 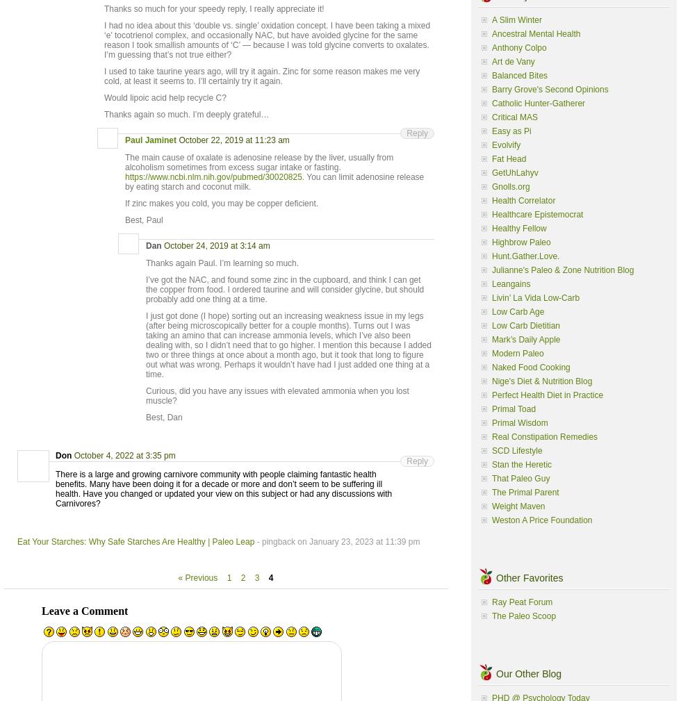 I want to click on 'I just got done (I hope) sorting out an increasing weakness issue in my legs (after being microscopically better for a couple months). Turns out I was taking an amino that can increase ammonia levels, which I’ve also been dealing with, so I didn’t need that to go higher. I mention this because I added two or three things at once about a month ago, but it took that long to figure out what was wrong. Perhaps it wouldn’t have had I just added one thing at a time.', so click(x=288, y=345).